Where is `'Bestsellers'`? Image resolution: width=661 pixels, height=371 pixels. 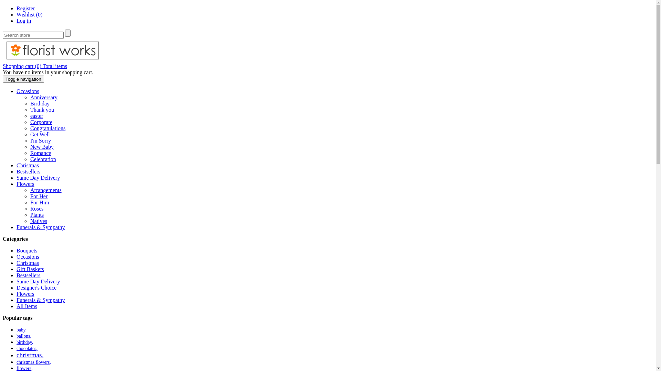
'Bestsellers' is located at coordinates (28, 275).